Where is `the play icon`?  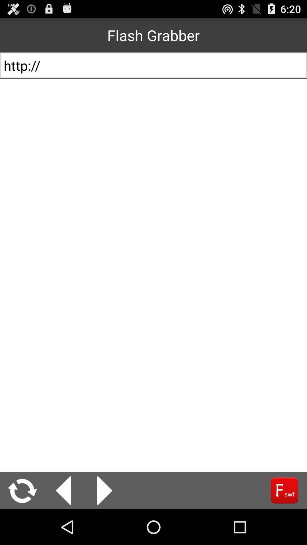
the play icon is located at coordinates (105, 525).